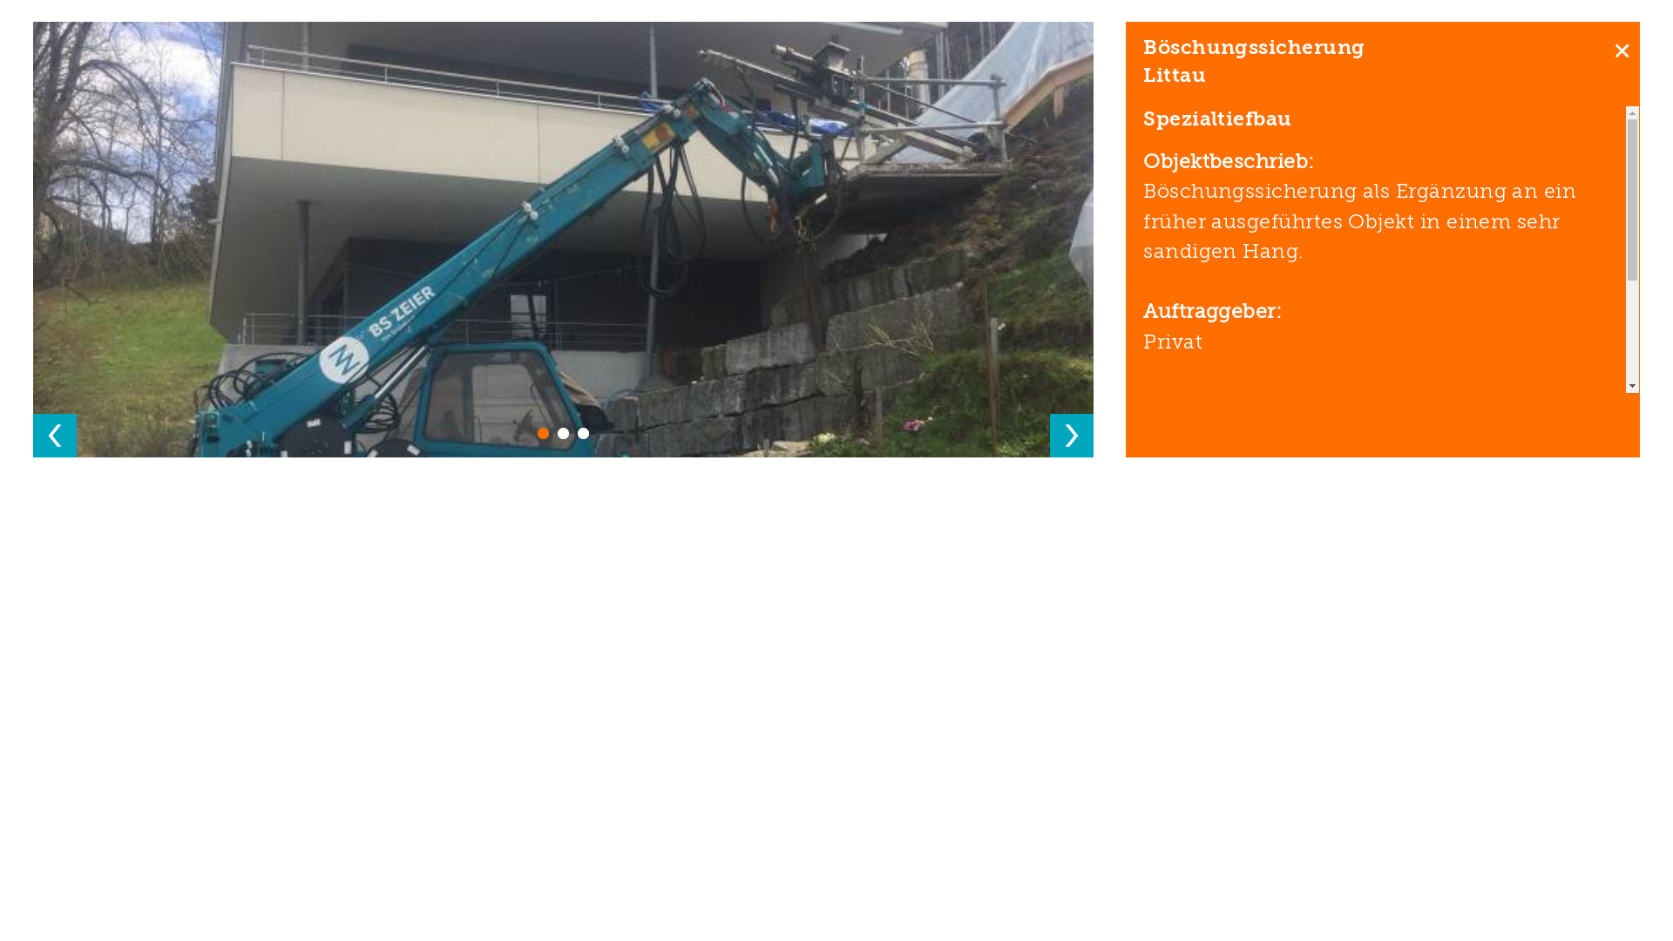 The image size is (1673, 941). What do you see at coordinates (577, 431) in the screenshot?
I see `'3'` at bounding box center [577, 431].